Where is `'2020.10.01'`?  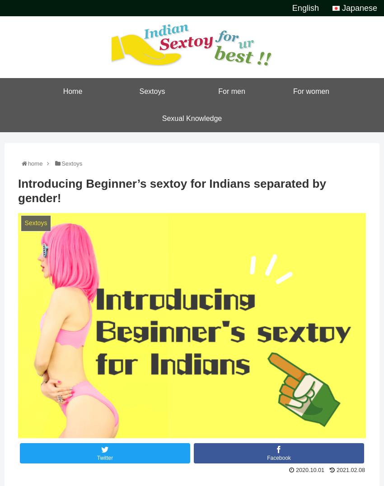
'2020.10.01' is located at coordinates (309, 470).